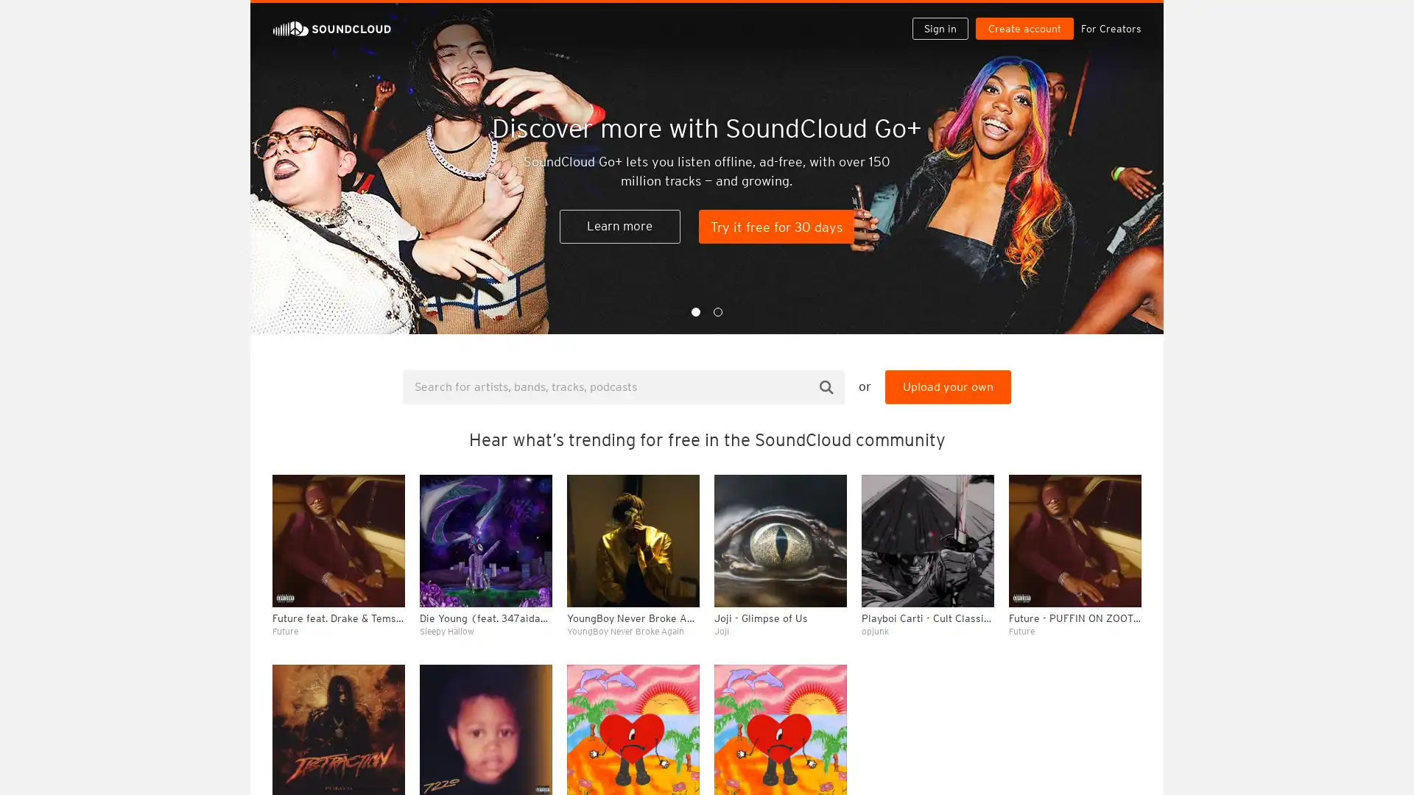 The image size is (1414, 795). Describe the element at coordinates (1091, 402) in the screenshot. I see `Clear` at that location.